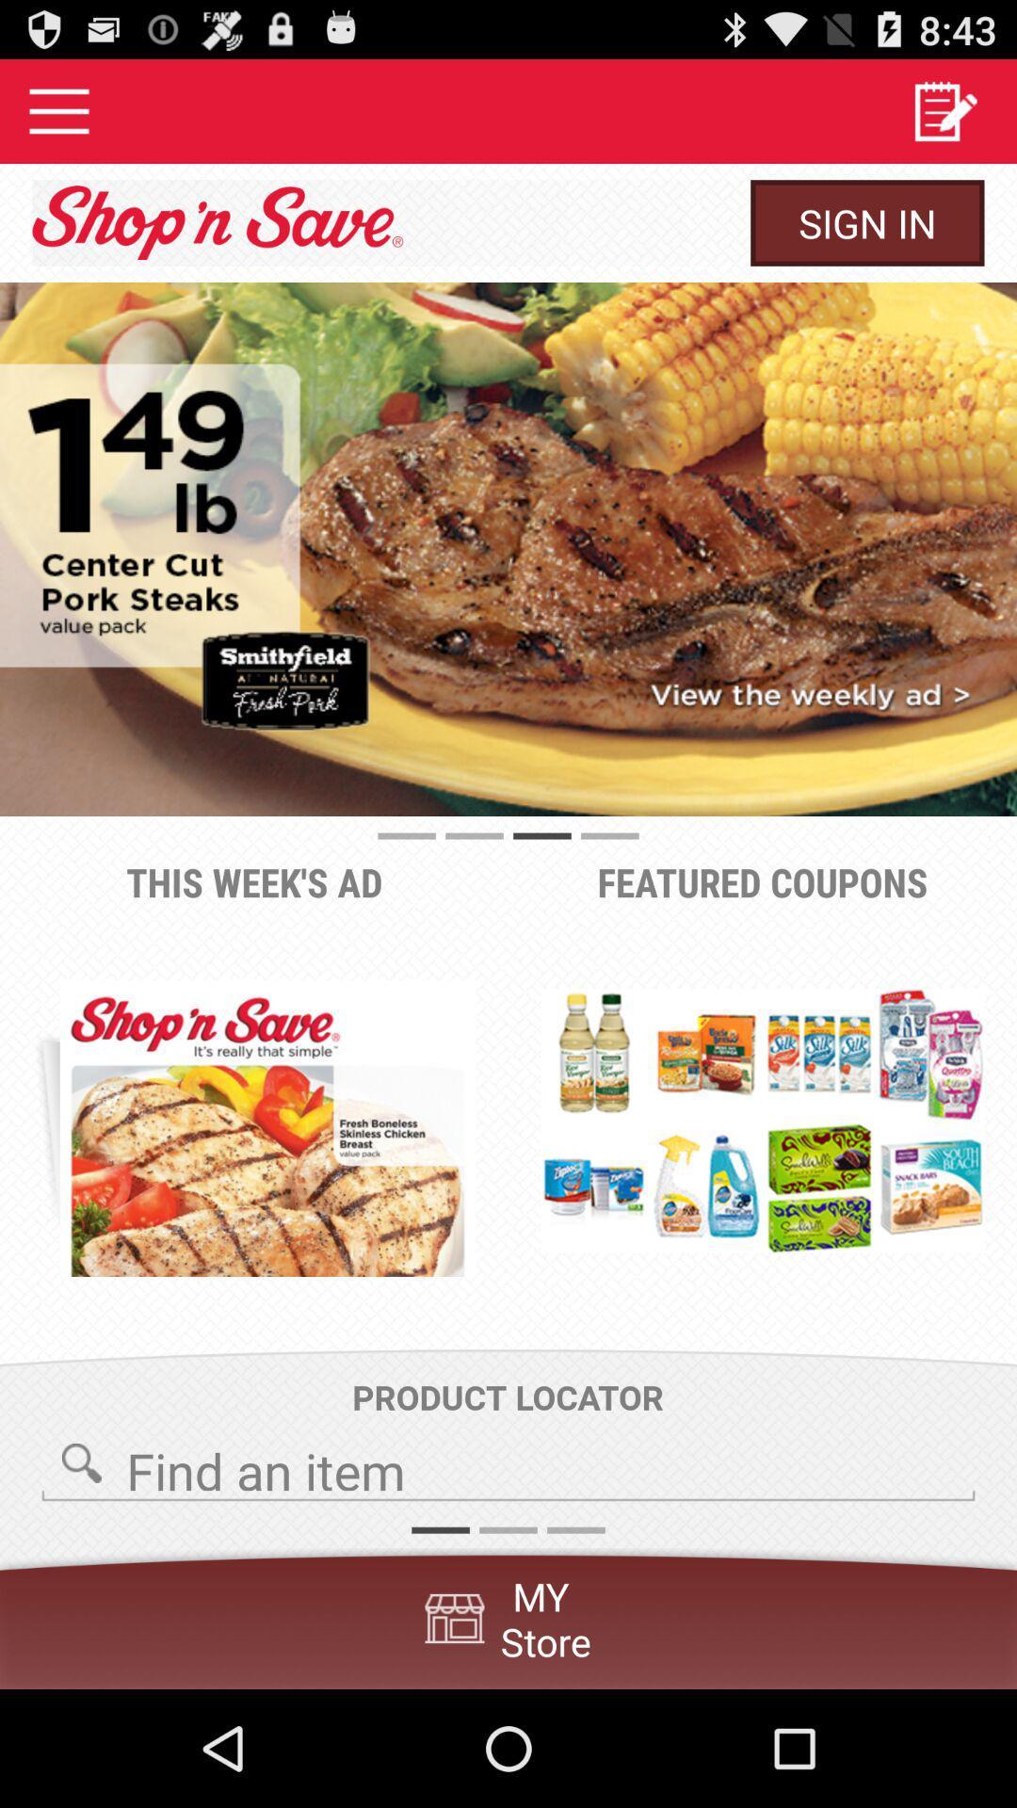 This screenshot has width=1017, height=1808. I want to click on the item below the this week s, so click(267, 1128).